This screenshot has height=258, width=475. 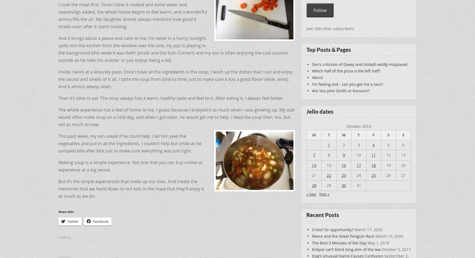 I want to click on '28', so click(x=313, y=185).